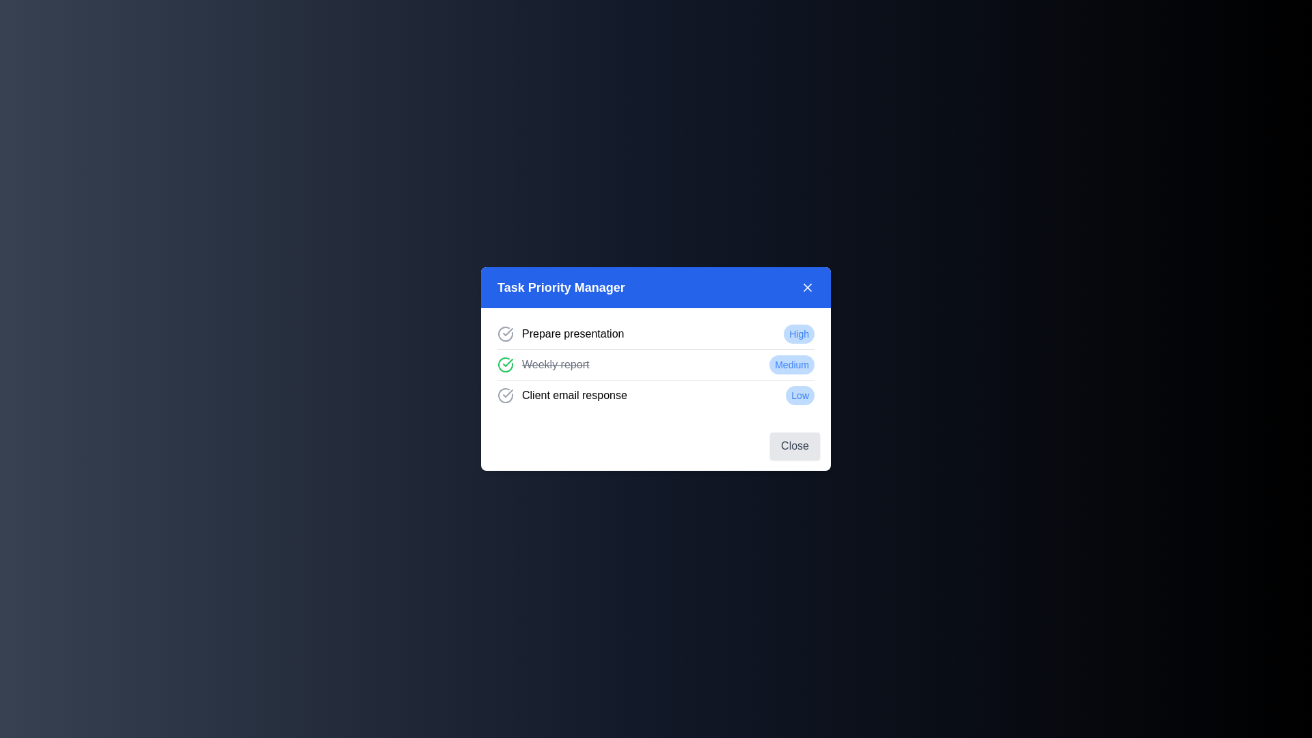 The height and width of the screenshot is (738, 1312). What do you see at coordinates (799, 334) in the screenshot?
I see `the 'High' priority badge element, which is a button-like component with a blue background, located to the right of the 'Prepare presentation' item` at bounding box center [799, 334].